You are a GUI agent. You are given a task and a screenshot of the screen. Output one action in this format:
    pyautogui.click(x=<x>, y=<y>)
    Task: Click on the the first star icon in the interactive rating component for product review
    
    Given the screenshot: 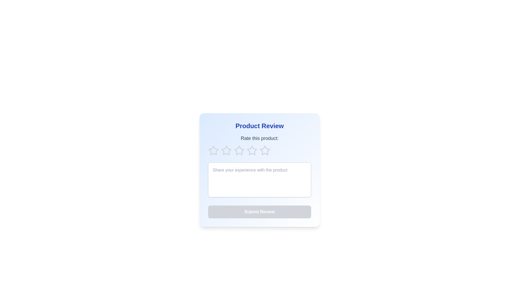 What is the action you would take?
    pyautogui.click(x=213, y=150)
    